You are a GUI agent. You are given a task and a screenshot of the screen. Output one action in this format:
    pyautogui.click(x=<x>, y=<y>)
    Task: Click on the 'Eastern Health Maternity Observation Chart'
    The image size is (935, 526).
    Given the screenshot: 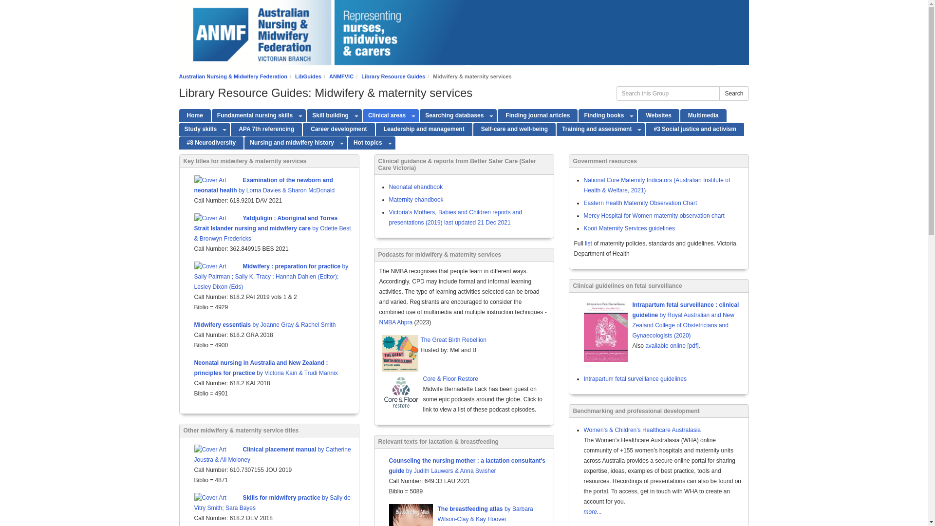 What is the action you would take?
    pyautogui.click(x=640, y=202)
    